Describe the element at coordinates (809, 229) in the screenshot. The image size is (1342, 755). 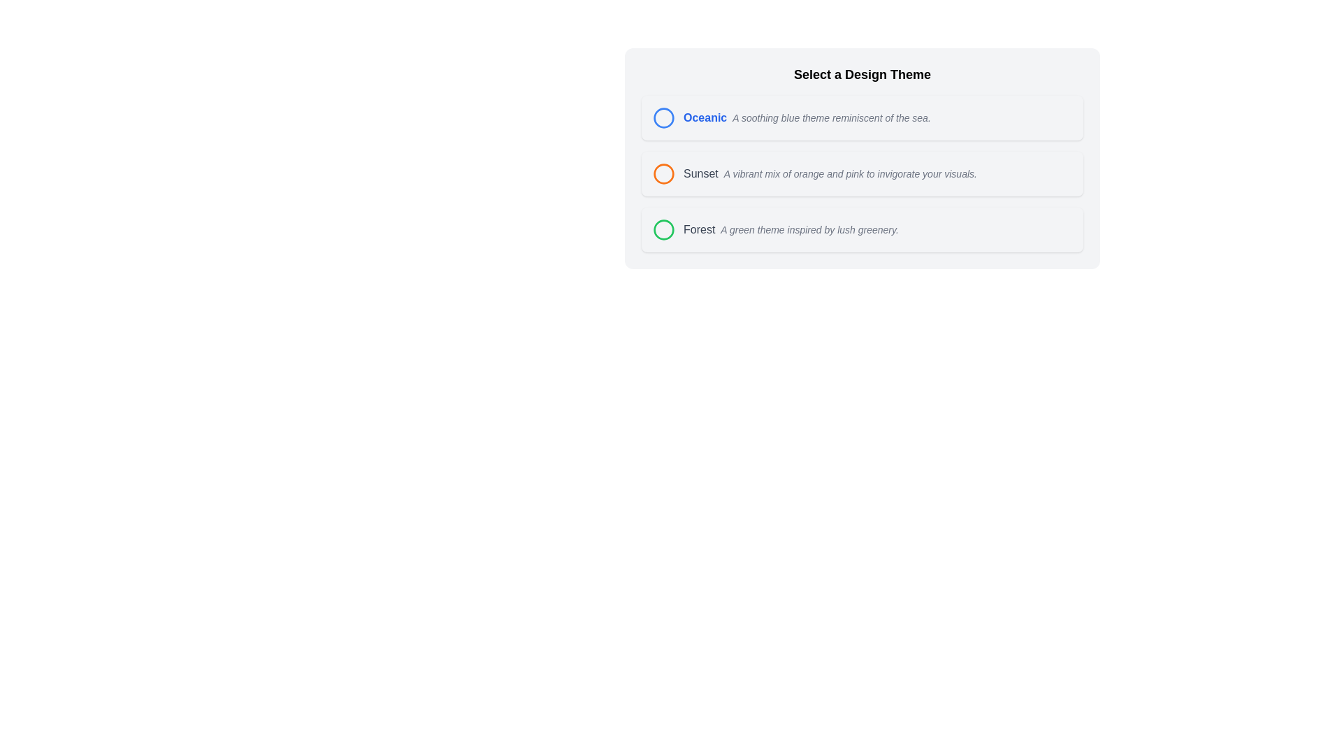
I see `the text snippet reading 'A green theme inspired by lush greenery.' which is located to the right of the 'Forest' label and underneath a green circular icon` at that location.